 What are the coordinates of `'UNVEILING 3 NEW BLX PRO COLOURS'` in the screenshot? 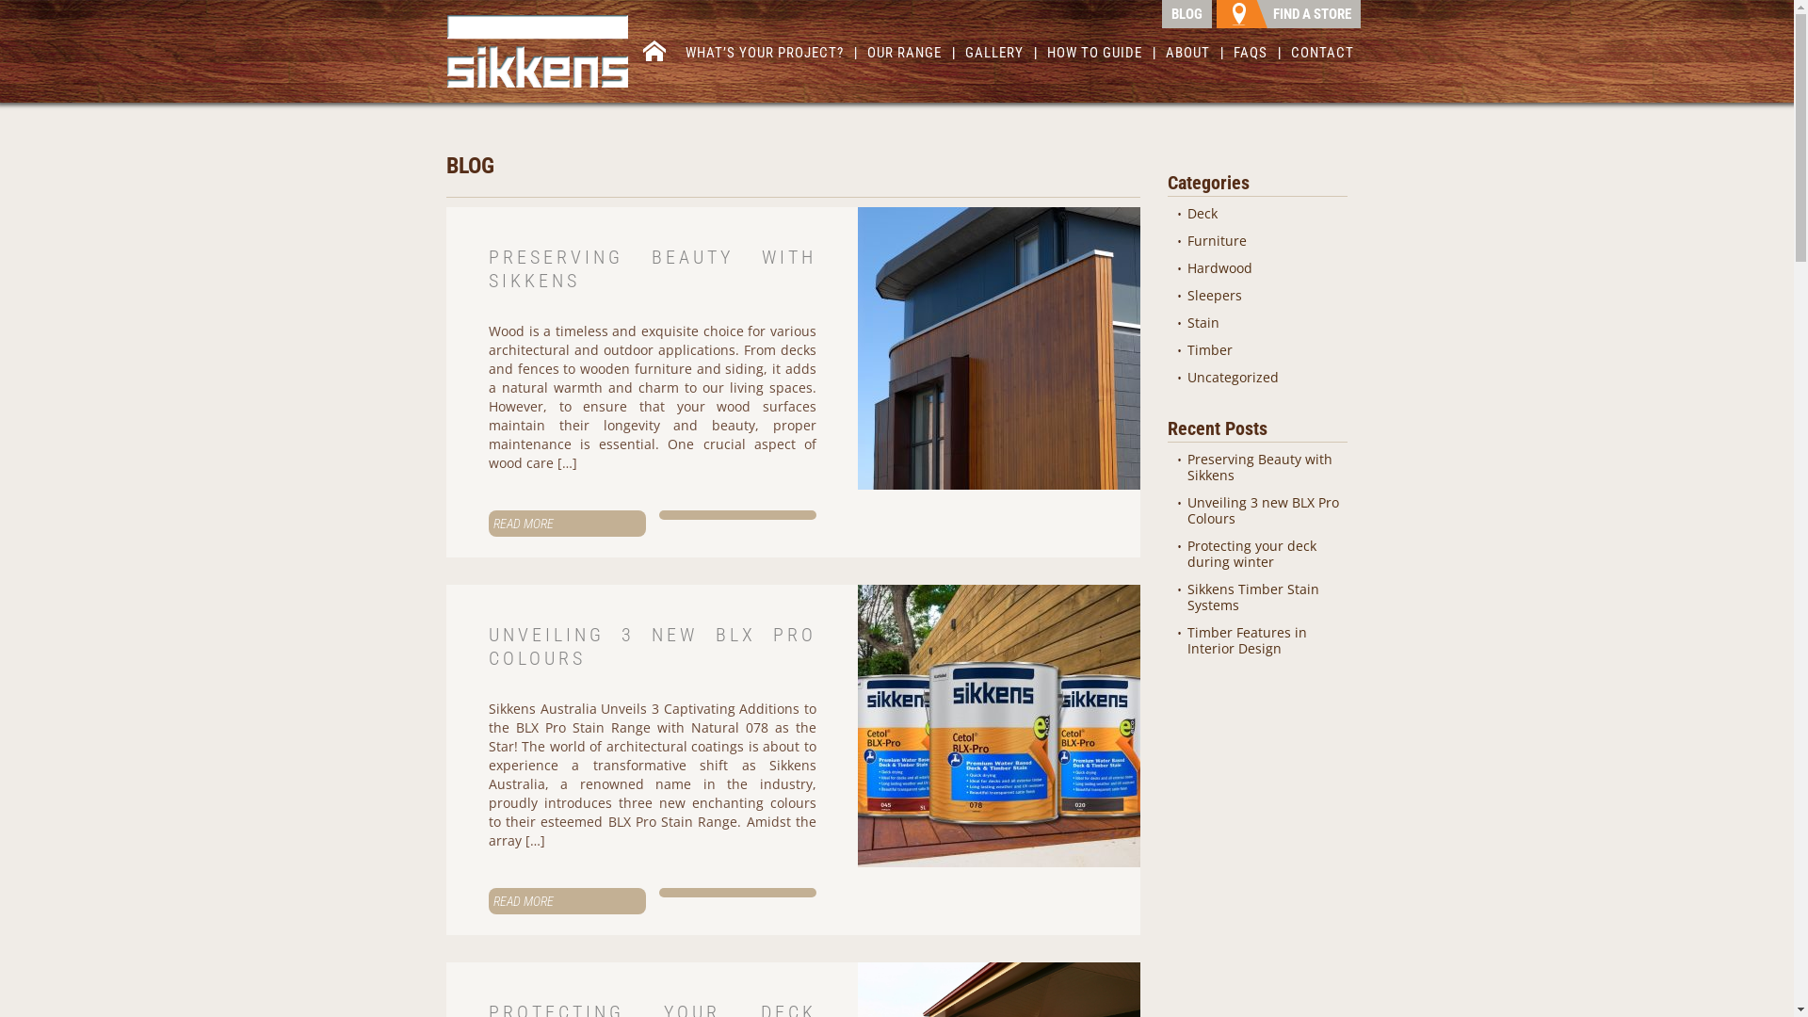 It's located at (652, 645).